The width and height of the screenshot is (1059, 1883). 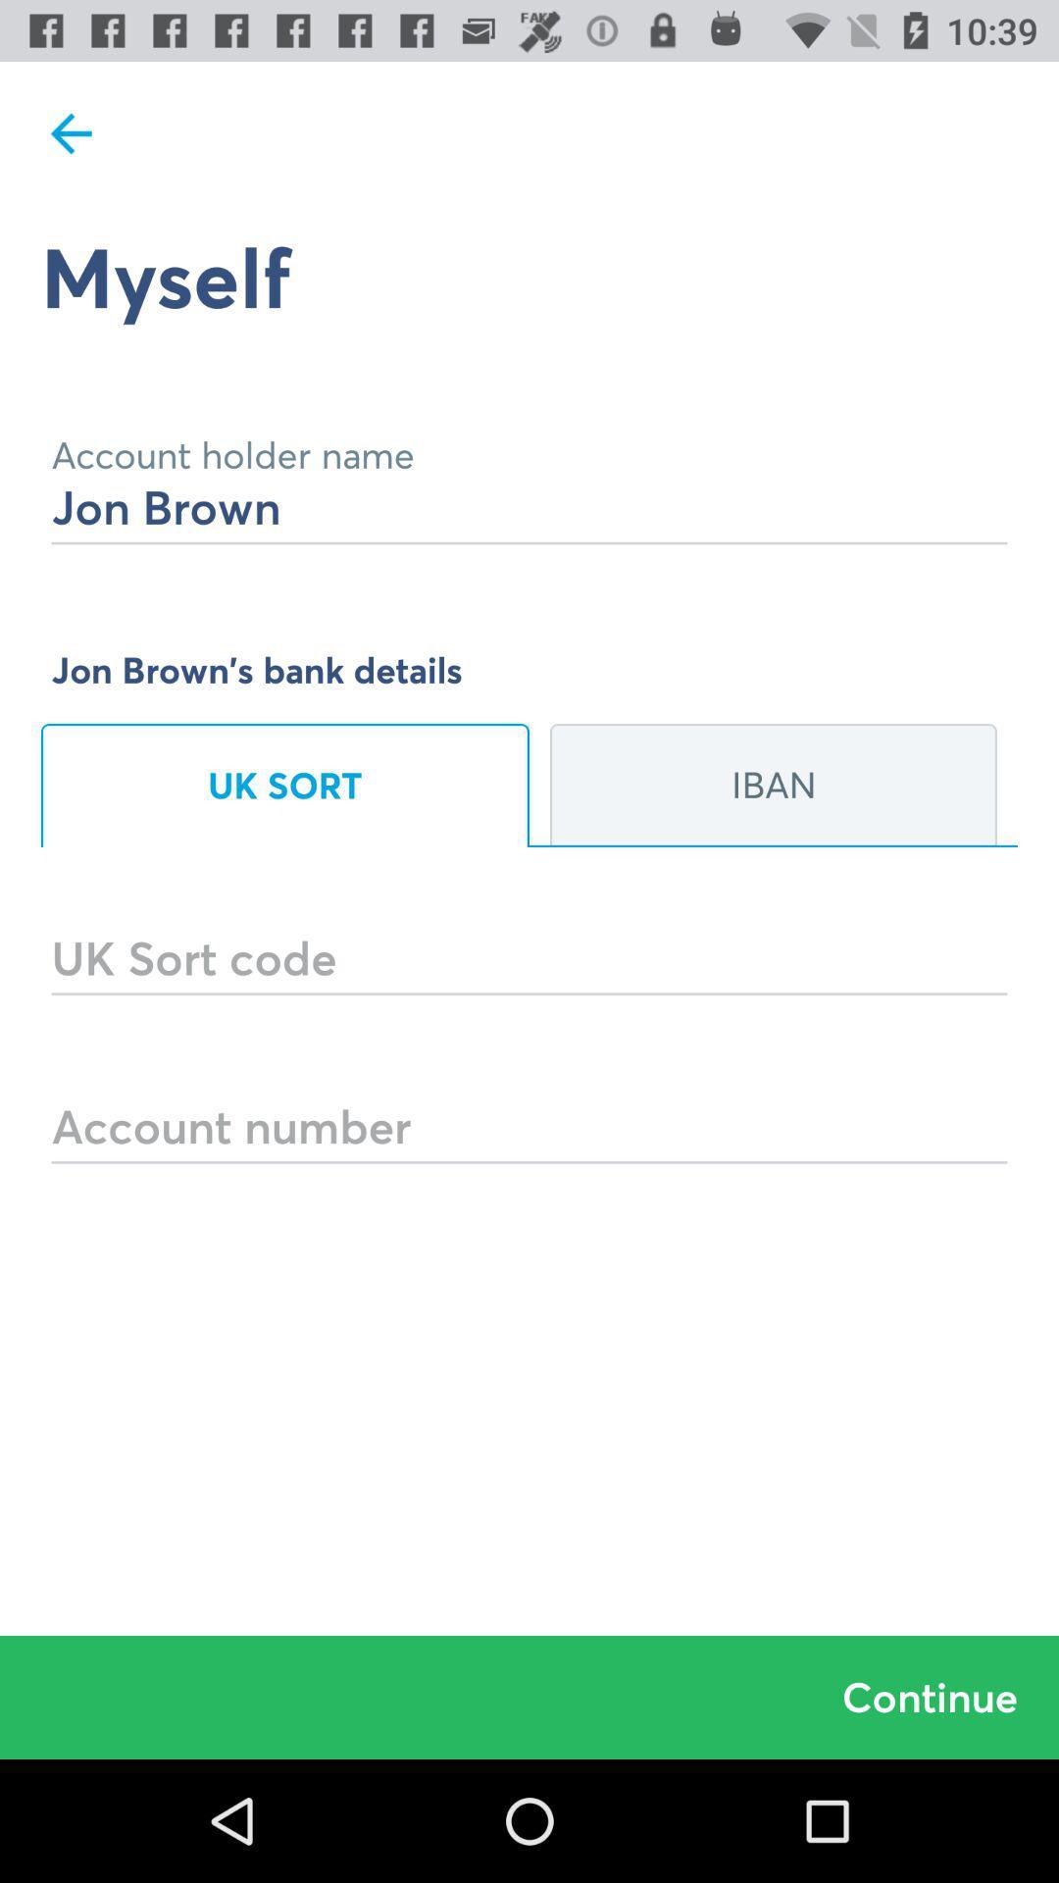 I want to click on uk sort on the left, so click(x=284, y=786).